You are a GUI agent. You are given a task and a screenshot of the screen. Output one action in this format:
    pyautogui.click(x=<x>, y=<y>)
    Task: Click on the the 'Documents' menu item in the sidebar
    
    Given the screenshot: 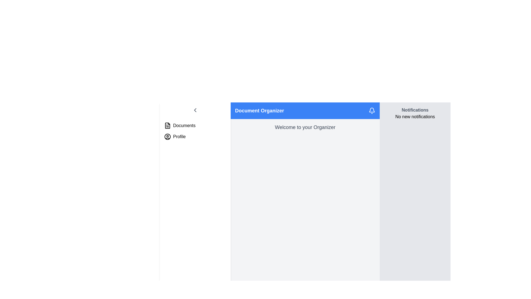 What is the action you would take?
    pyautogui.click(x=195, y=126)
    